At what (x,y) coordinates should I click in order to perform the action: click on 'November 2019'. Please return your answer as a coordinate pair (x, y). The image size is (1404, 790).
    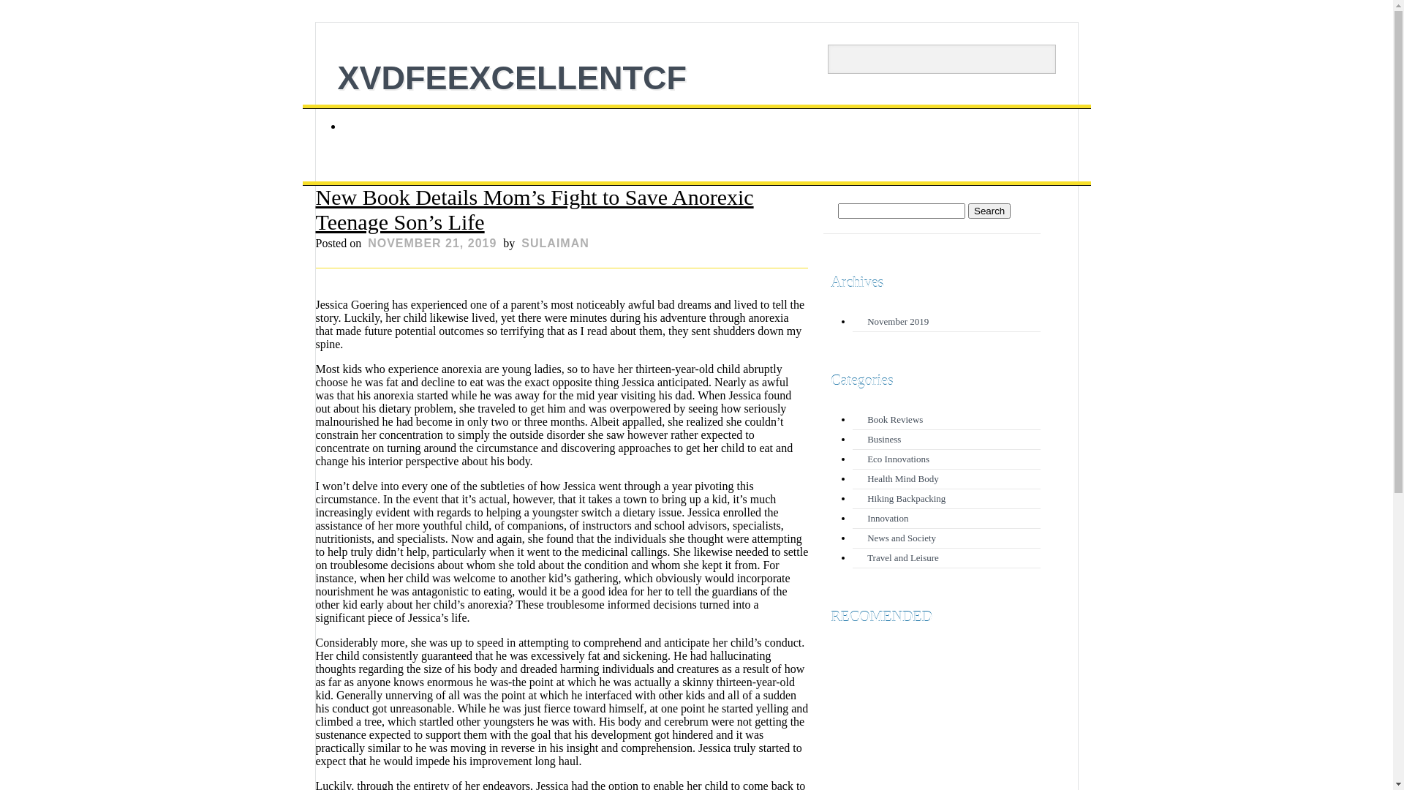
    Looking at the image, I should click on (867, 320).